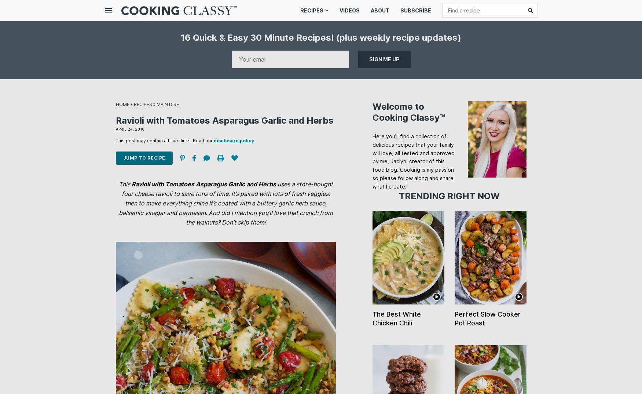 The image size is (642, 394). Describe the element at coordinates (415, 10) in the screenshot. I see `'Subscribe'` at that location.